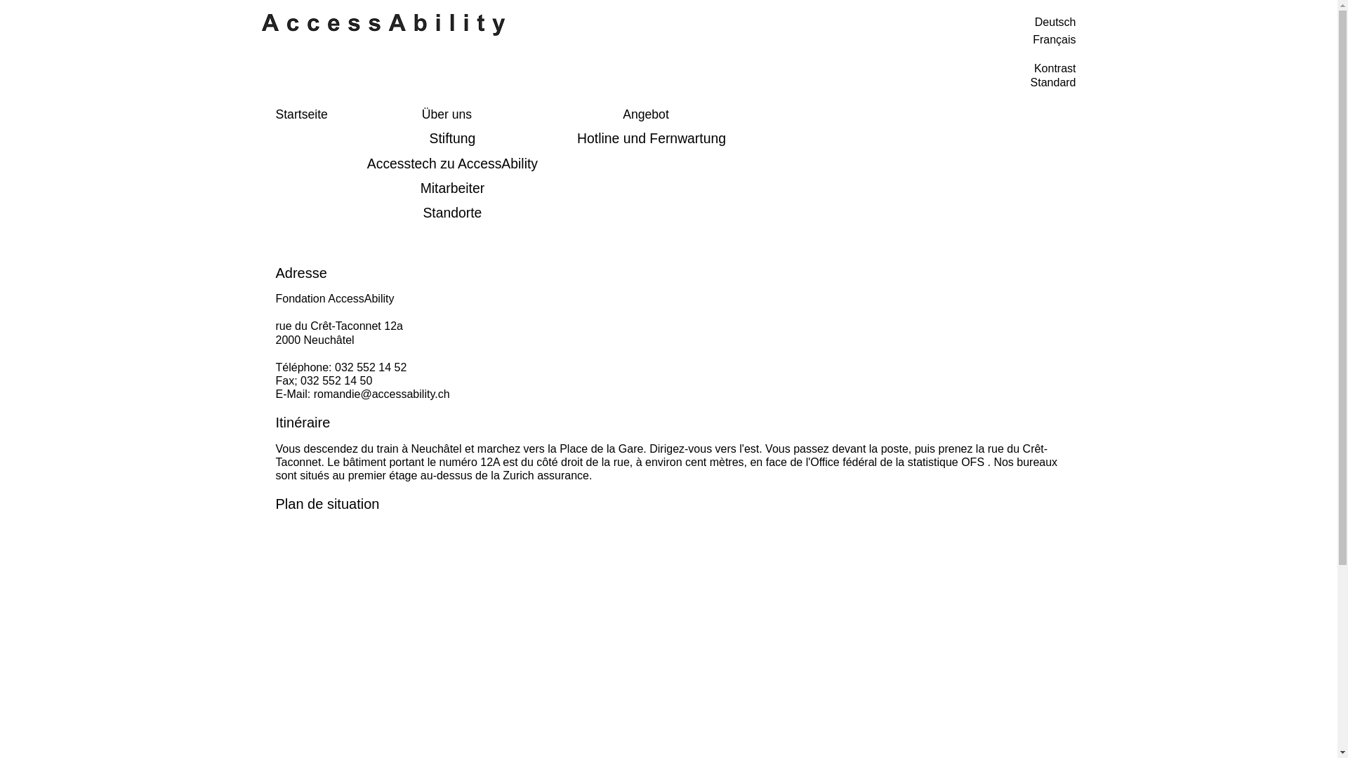 This screenshot has height=758, width=1348. What do you see at coordinates (1055, 68) in the screenshot?
I see `'Kontrast'` at bounding box center [1055, 68].